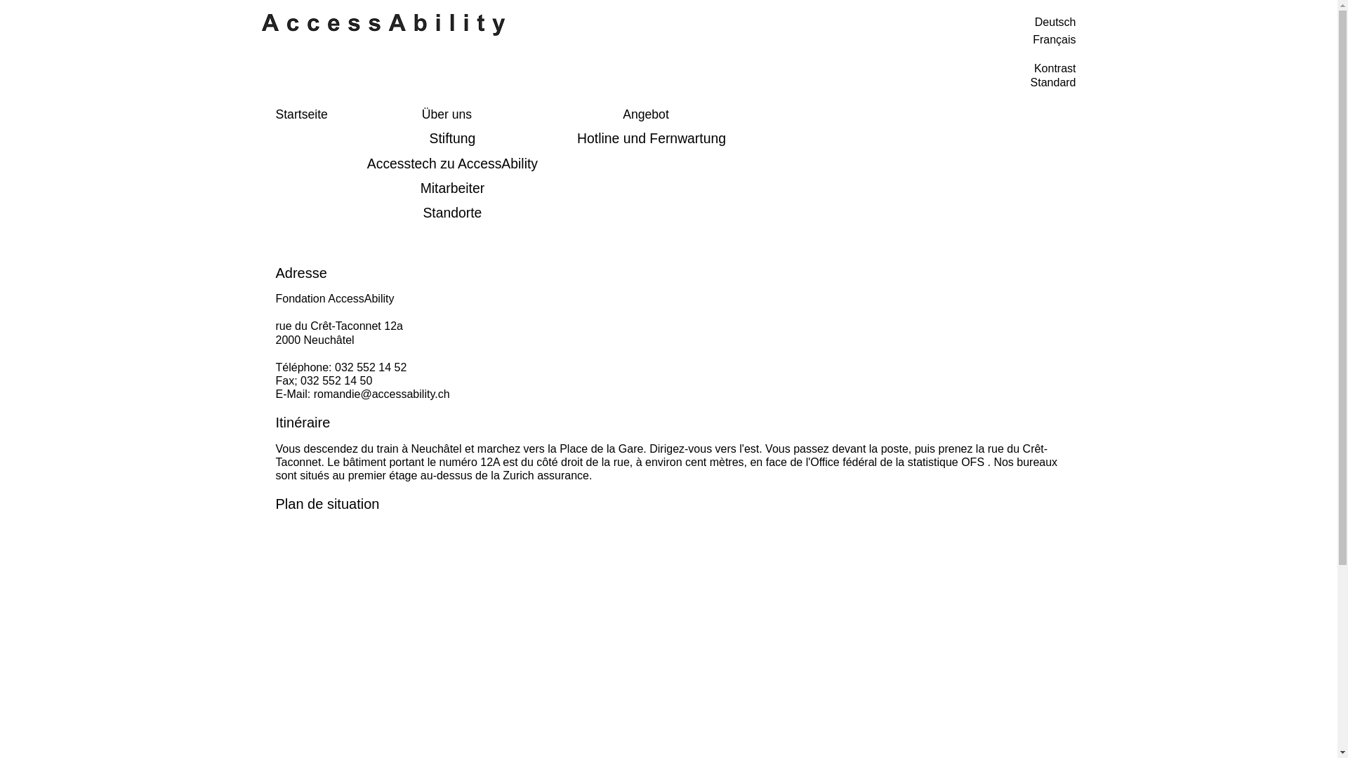 This screenshot has height=758, width=1348. What do you see at coordinates (1055, 68) in the screenshot?
I see `'Kontrast'` at bounding box center [1055, 68].